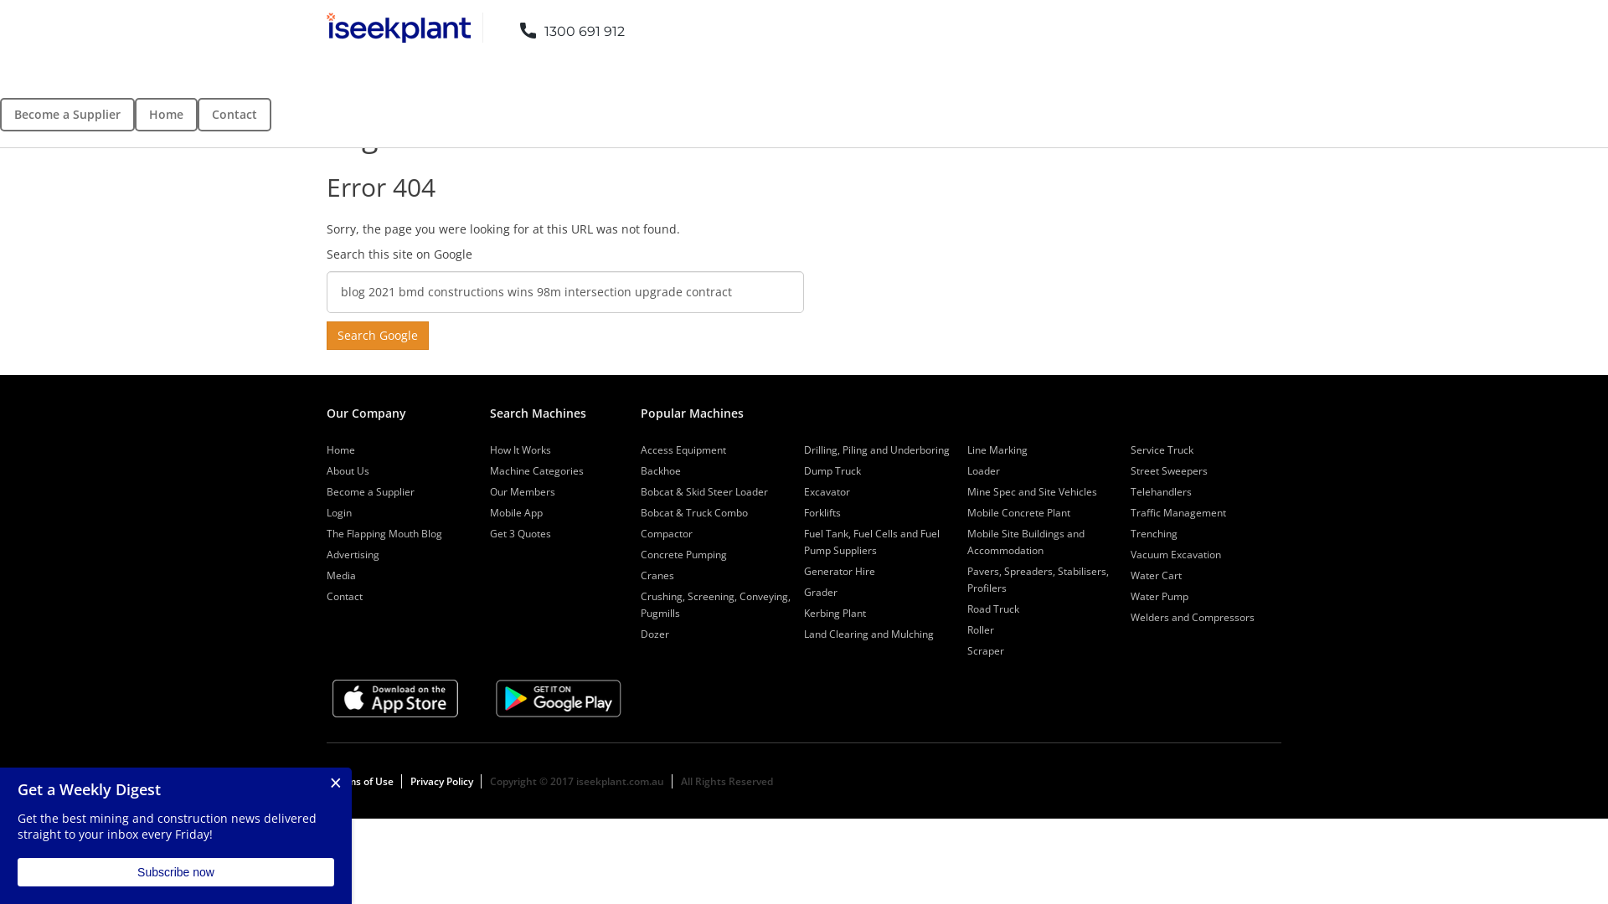  I want to click on 'Drilling, Piling and Underboring', so click(875, 449).